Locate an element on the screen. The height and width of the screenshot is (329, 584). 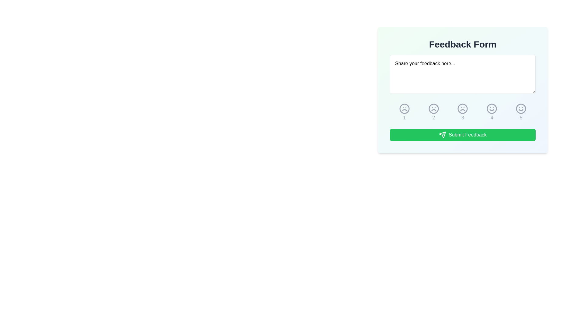
the numeral '4' displayed in gray, which is part of the feedback rating system and located between the numerals '3' and '5' is located at coordinates (492, 118).